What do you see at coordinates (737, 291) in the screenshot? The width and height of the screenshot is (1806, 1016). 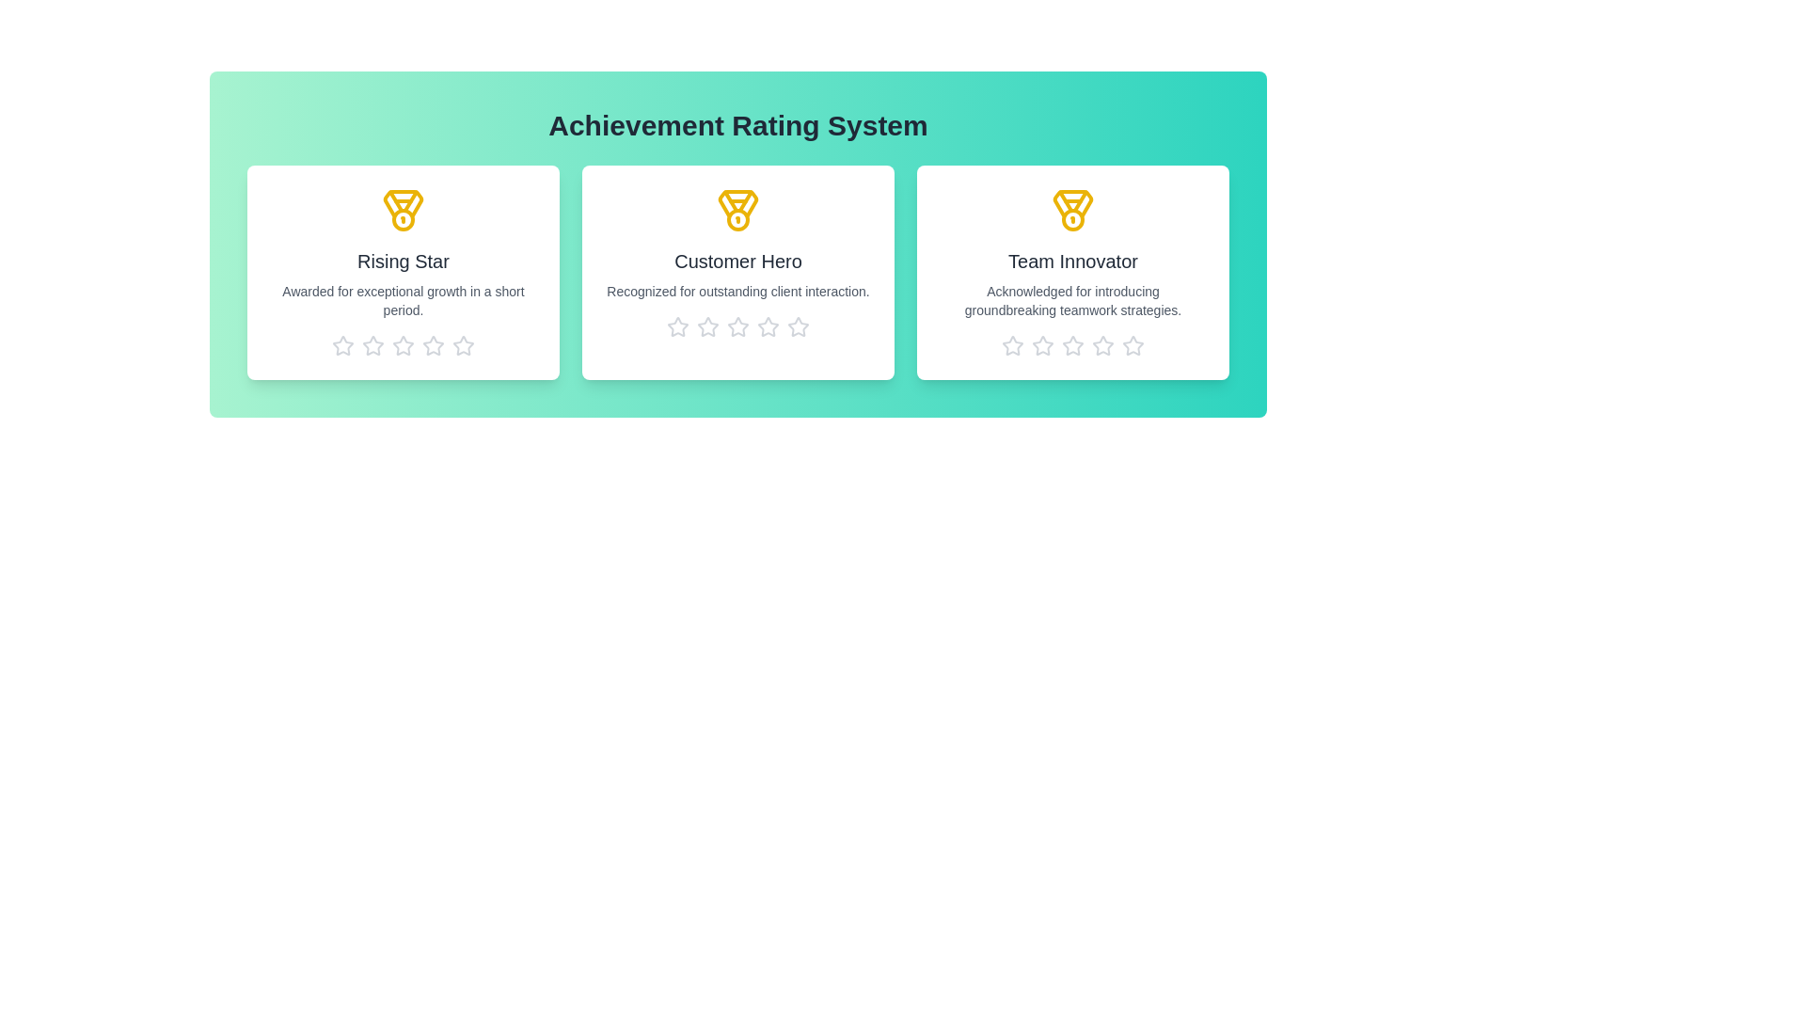 I see `the description of the achievement Customer Hero` at bounding box center [737, 291].